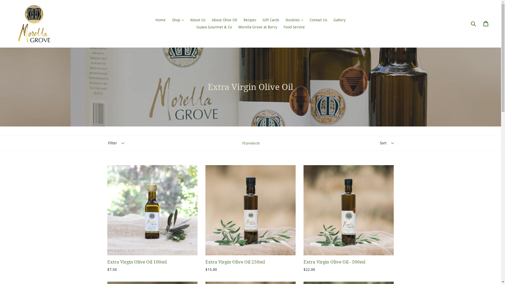 The image size is (505, 284). What do you see at coordinates (260, 20) in the screenshot?
I see `'Gift Cards'` at bounding box center [260, 20].